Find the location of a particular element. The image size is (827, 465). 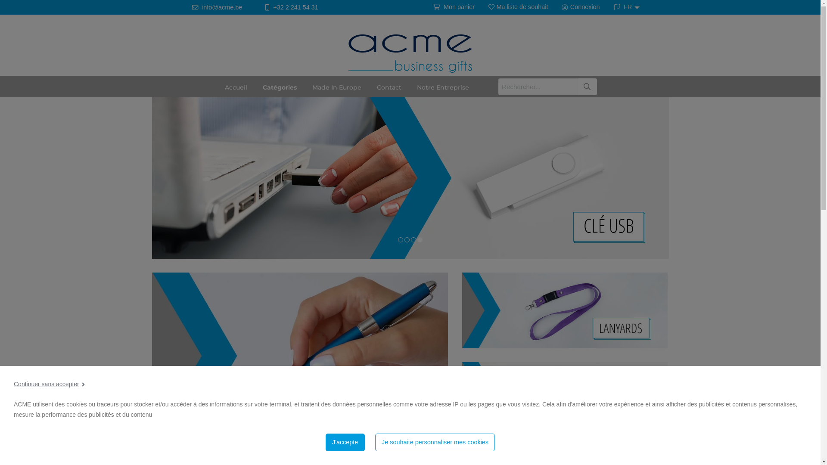

'FR' is located at coordinates (624, 6).